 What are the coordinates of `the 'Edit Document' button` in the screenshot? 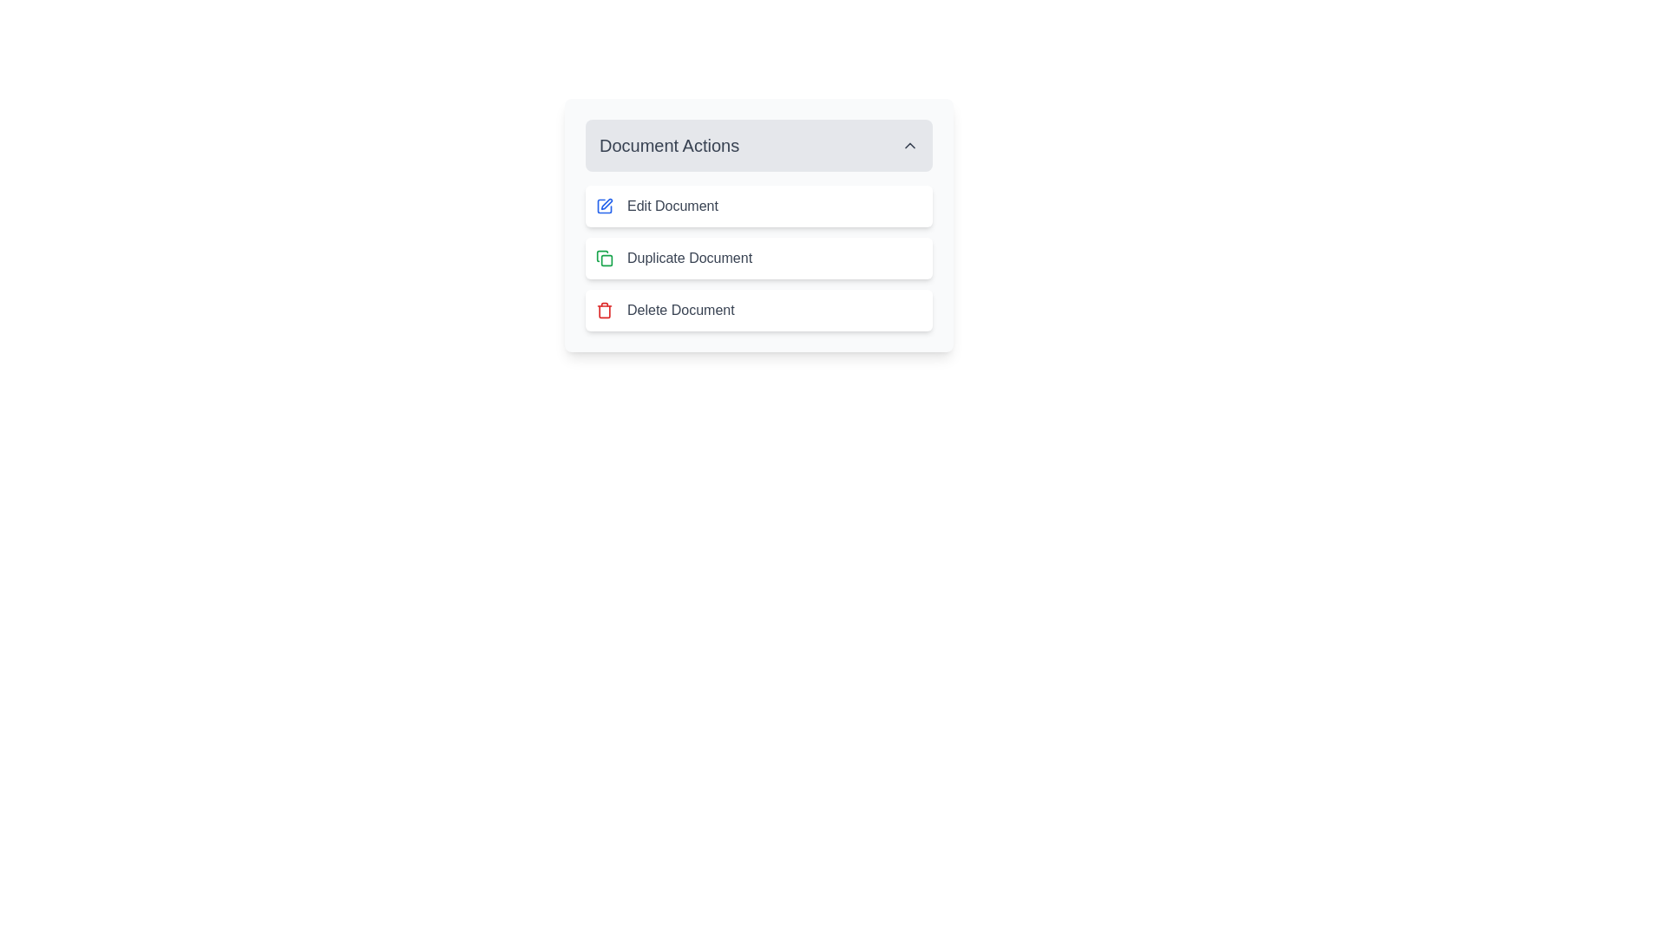 It's located at (758, 206).